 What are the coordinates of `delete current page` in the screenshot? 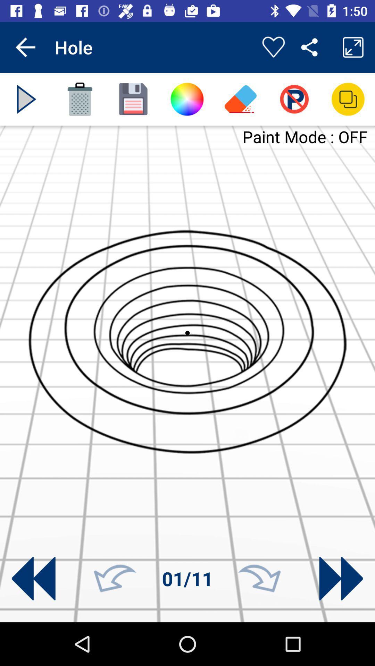 It's located at (80, 99).